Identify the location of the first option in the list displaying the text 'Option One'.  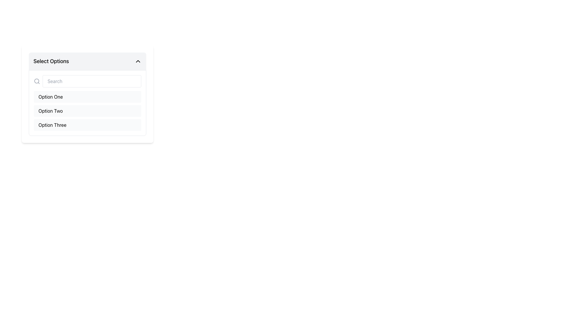
(51, 97).